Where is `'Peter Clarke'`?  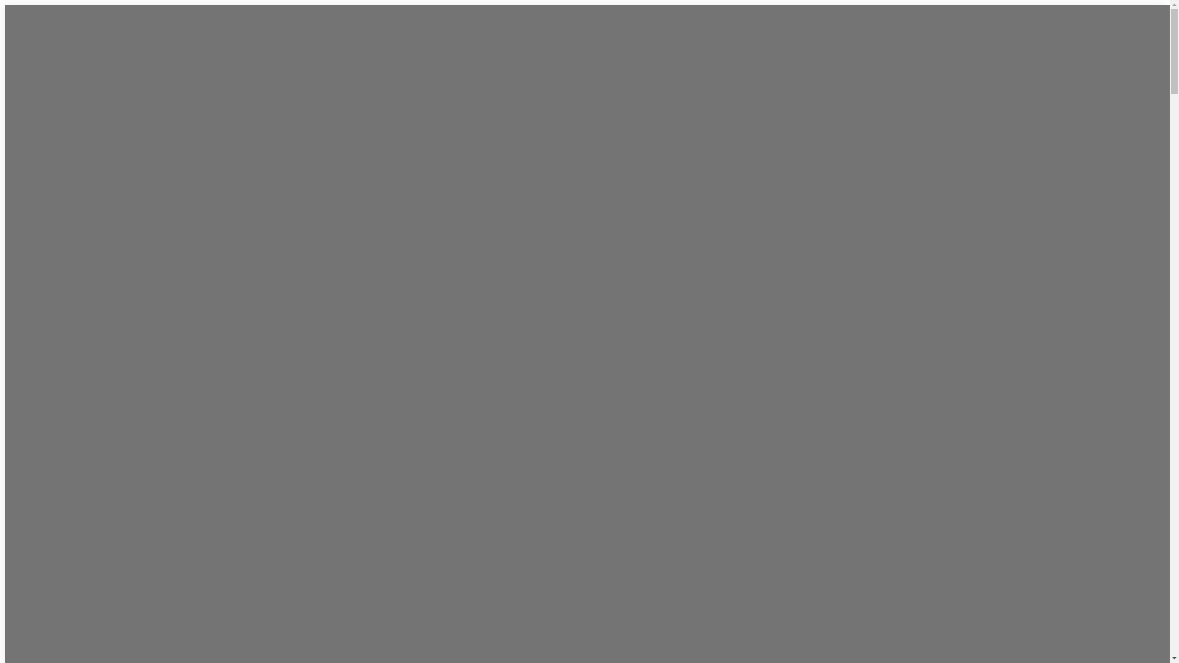
'Peter Clarke' is located at coordinates (540, 347).